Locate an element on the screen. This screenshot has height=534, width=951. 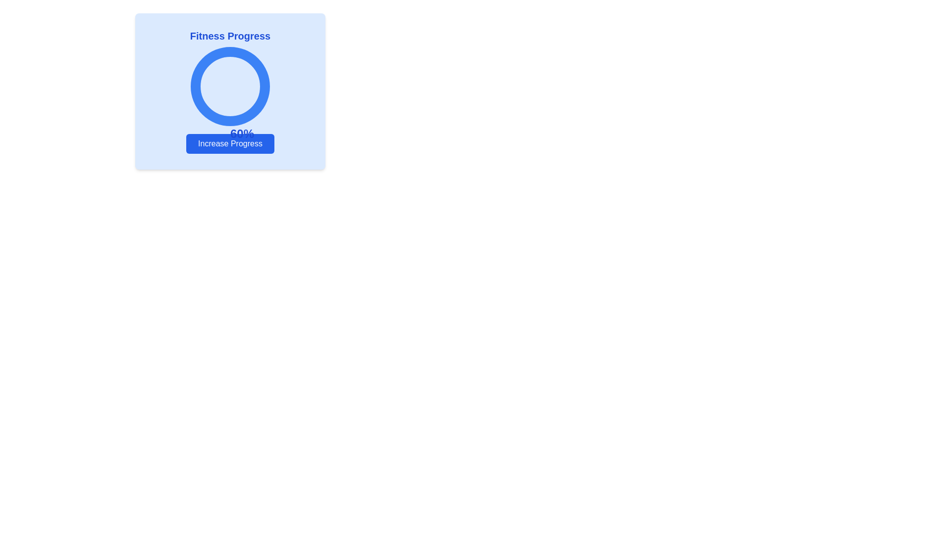
the progress represented by the circular progress indicator, which has a blue stroke outline and shows '60%' in its center is located at coordinates (230, 86).